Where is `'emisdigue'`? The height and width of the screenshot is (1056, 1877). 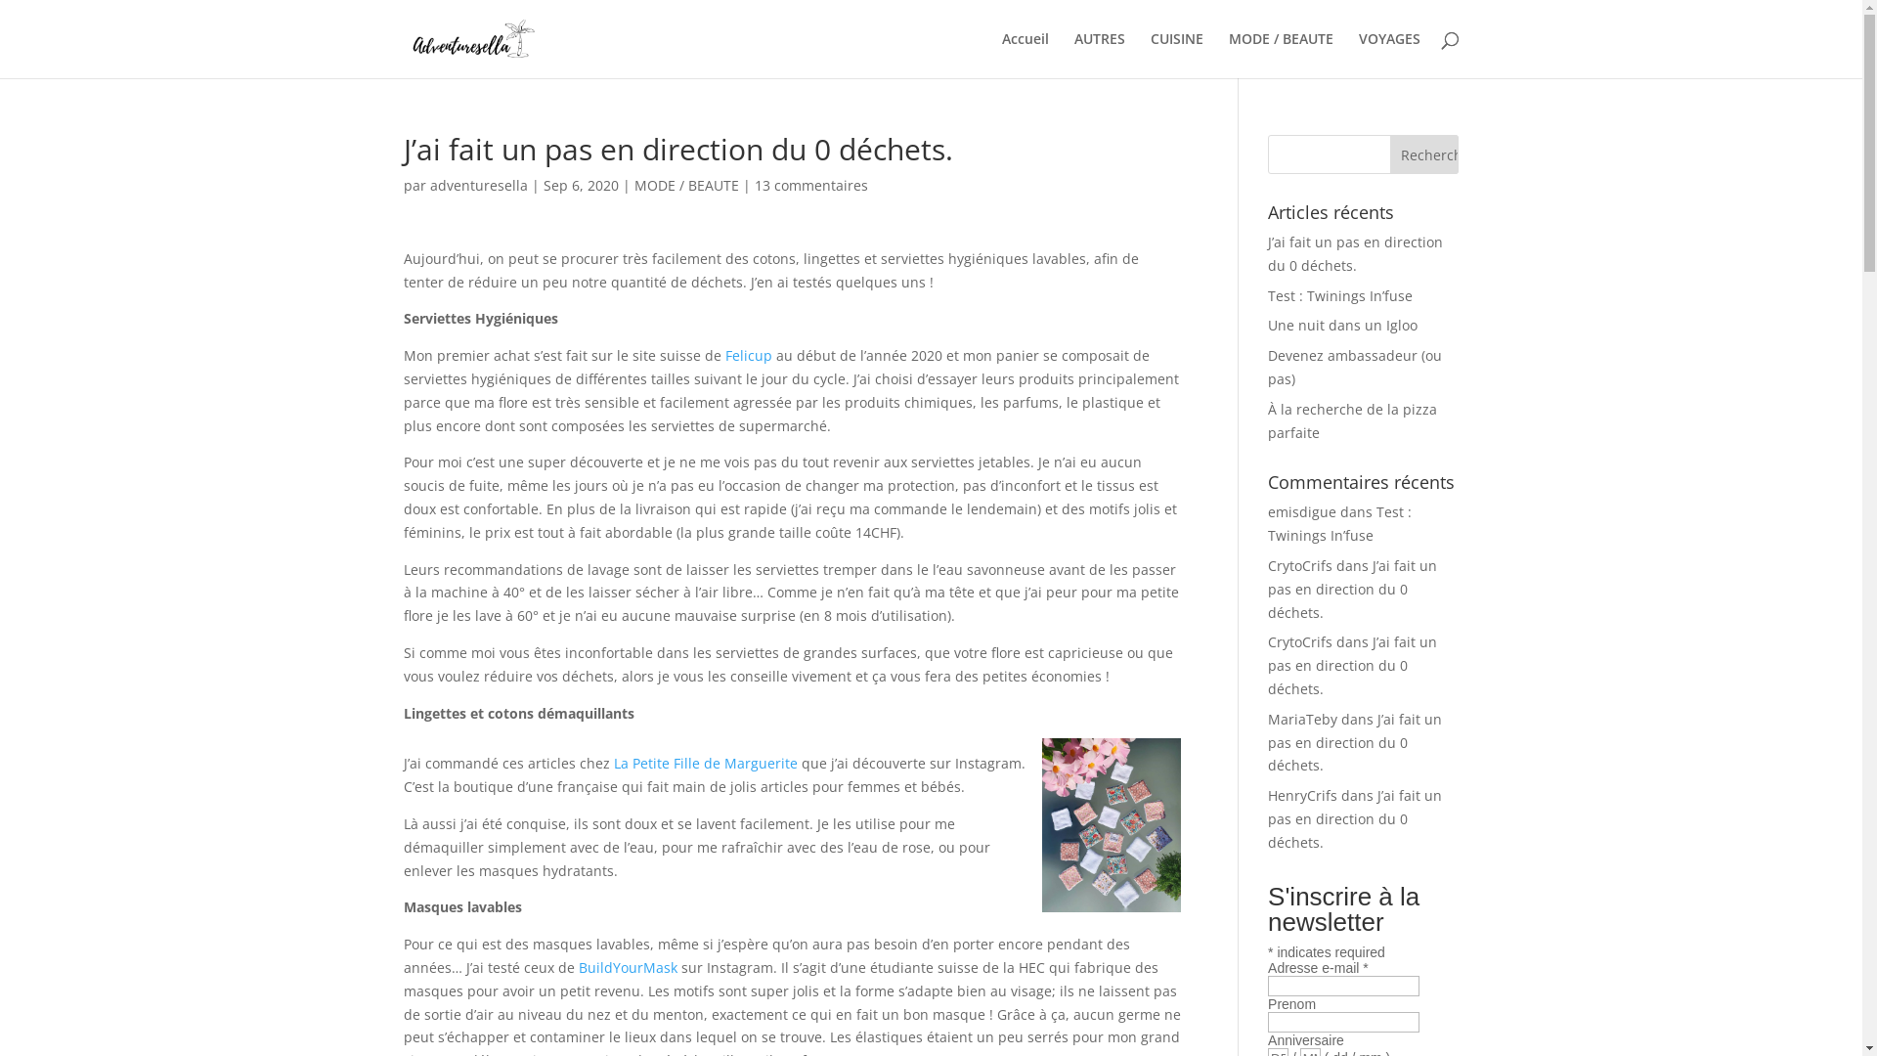 'emisdigue' is located at coordinates (1302, 510).